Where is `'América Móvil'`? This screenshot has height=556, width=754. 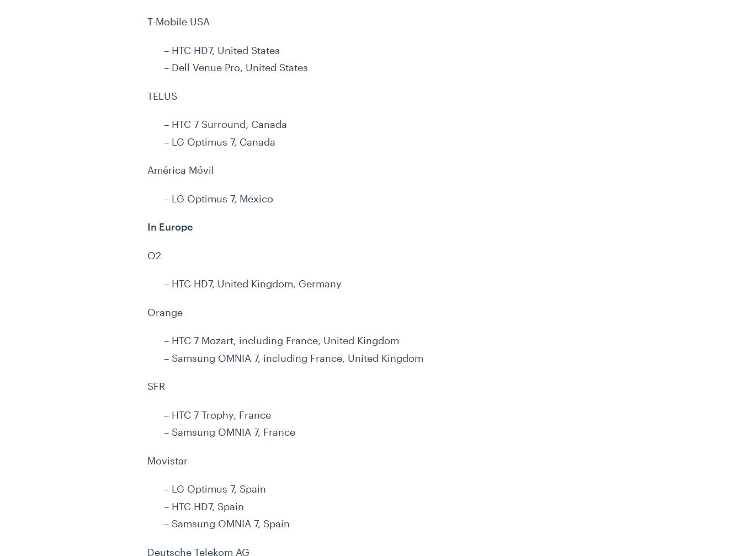 'América Móvil' is located at coordinates (147, 170).